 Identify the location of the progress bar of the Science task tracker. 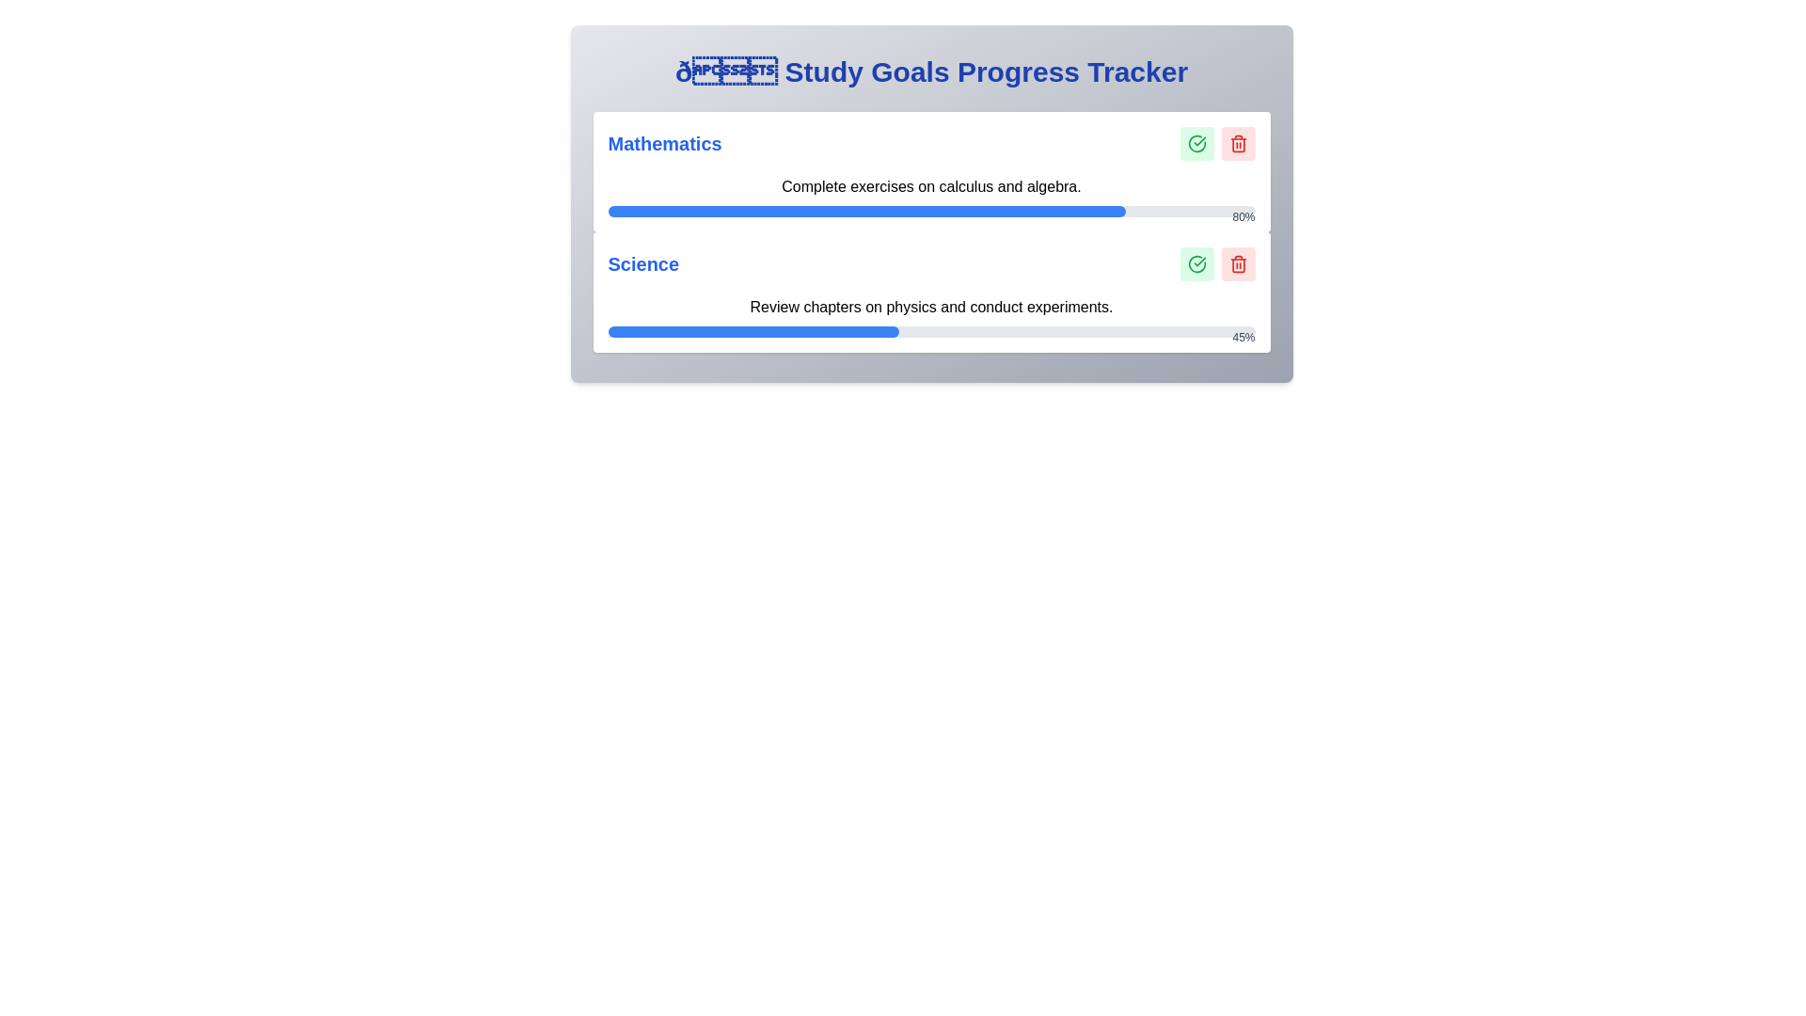
(931, 293).